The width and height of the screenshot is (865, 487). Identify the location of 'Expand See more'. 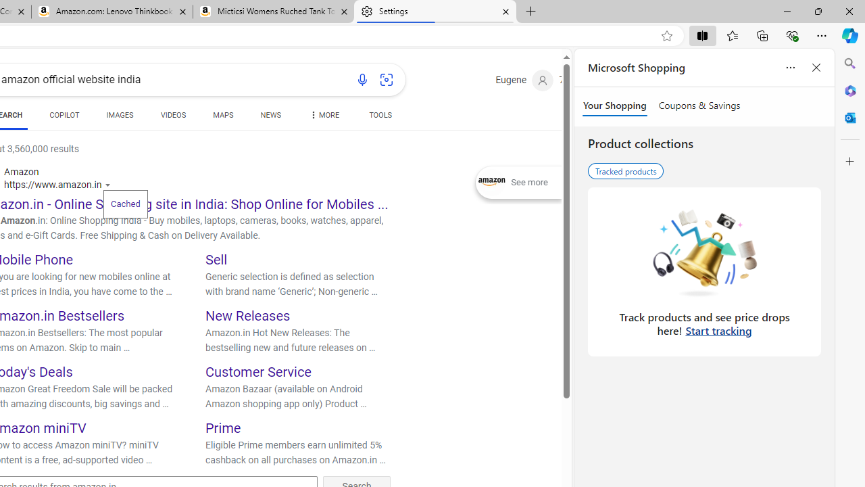
(518, 183).